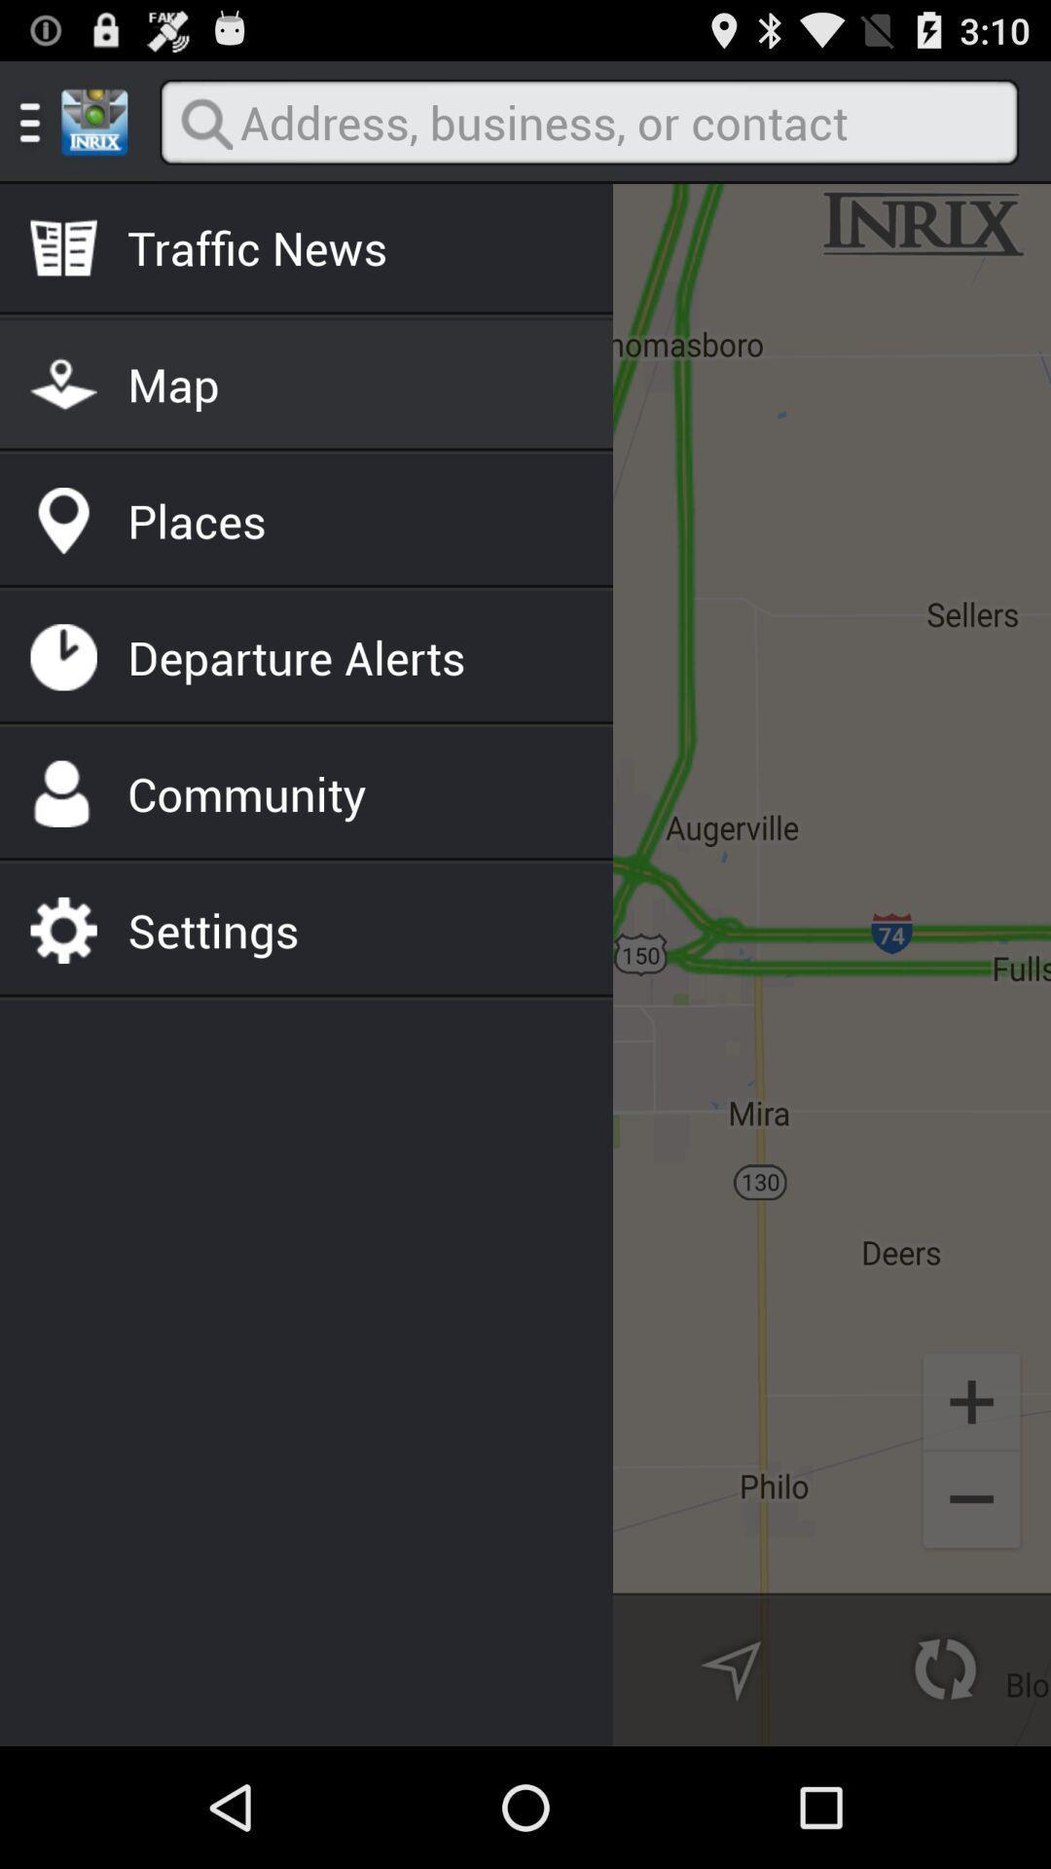 This screenshot has width=1051, height=1869. I want to click on the places item, so click(197, 521).